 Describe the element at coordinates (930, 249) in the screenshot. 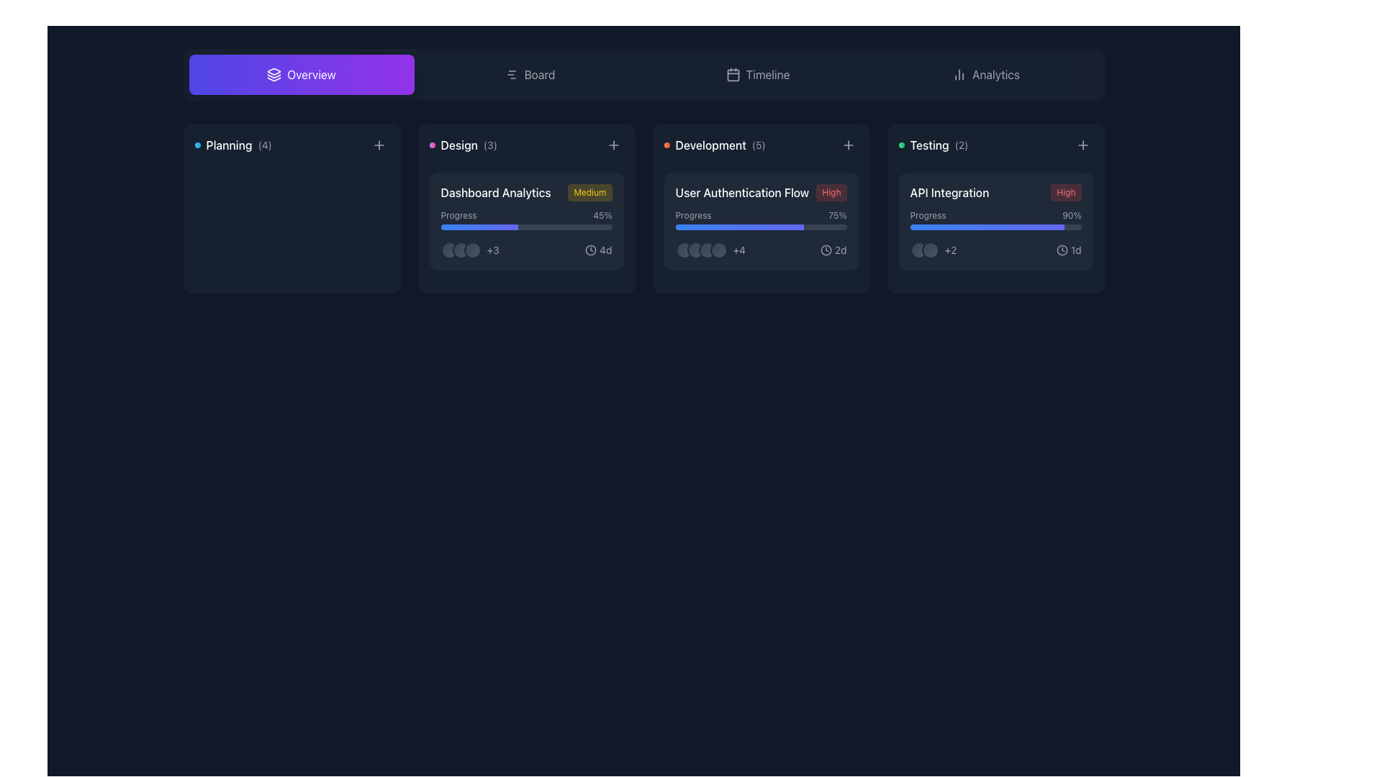

I see `the circular decorative UI element located at the bottom-left section of the 'API Integration' card in the 'Testing' category, which is the second in a row of two similar icons` at that location.